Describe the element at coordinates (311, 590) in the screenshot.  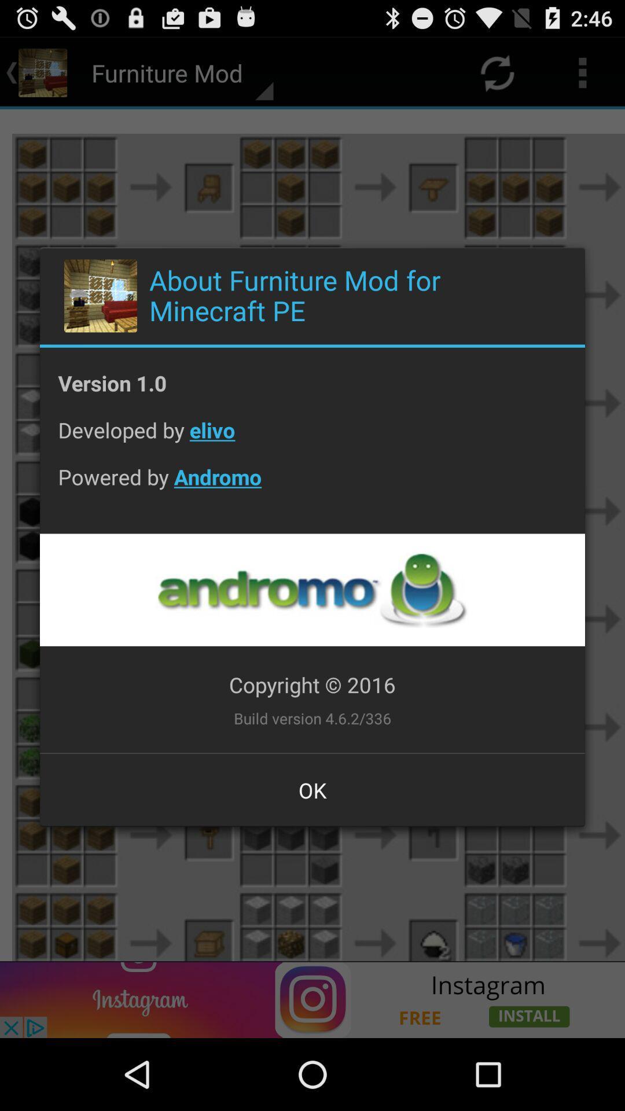
I see `link to app` at that location.